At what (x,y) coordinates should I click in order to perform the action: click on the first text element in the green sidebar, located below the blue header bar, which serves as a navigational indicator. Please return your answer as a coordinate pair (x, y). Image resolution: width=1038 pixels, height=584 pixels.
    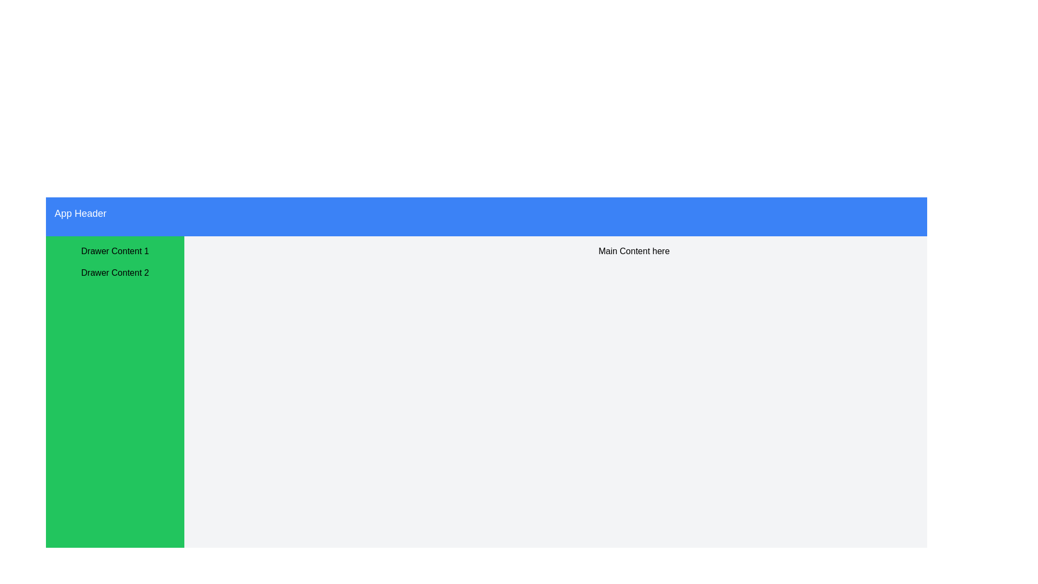
    Looking at the image, I should click on (115, 251).